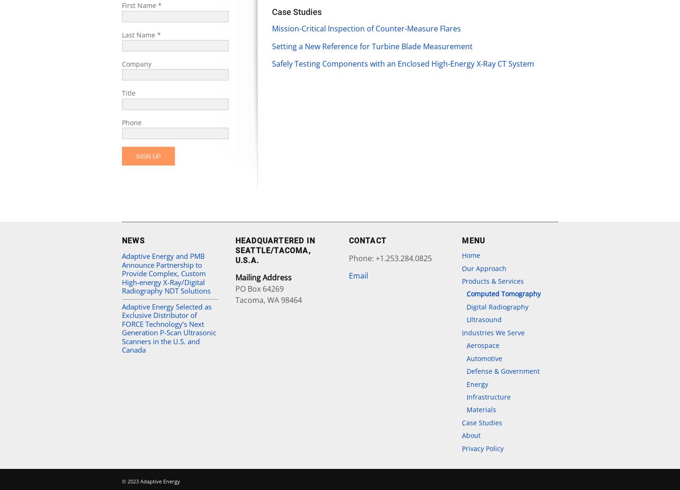 The image size is (680, 490). I want to click on 'Tacoma, WA 98464', so click(268, 299).